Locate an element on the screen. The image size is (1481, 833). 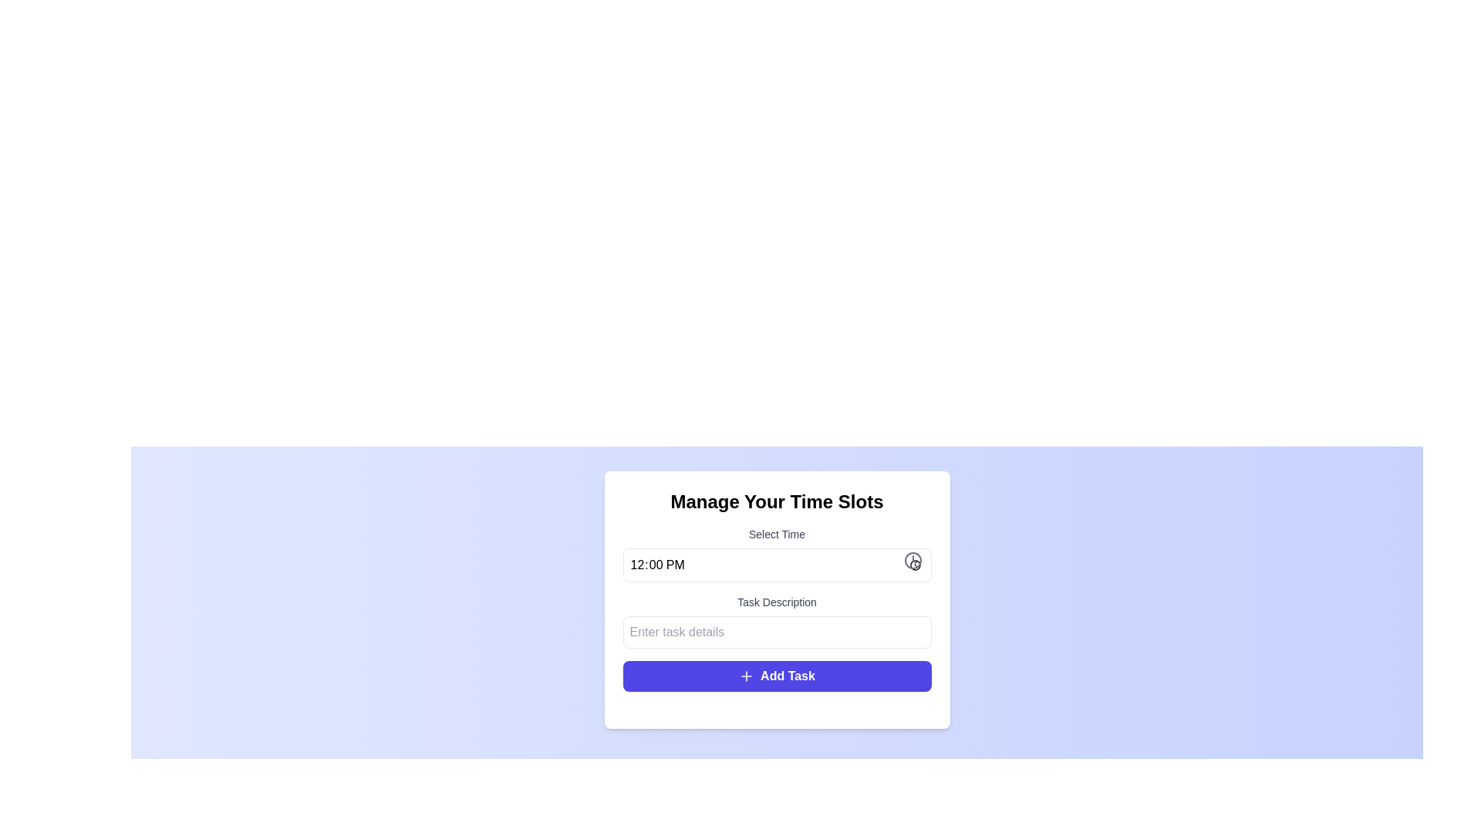
from the Time input field, located below the 'Select Time' label and centrally aligned in the white card layout, onto neighboring fields is located at coordinates (777, 562).